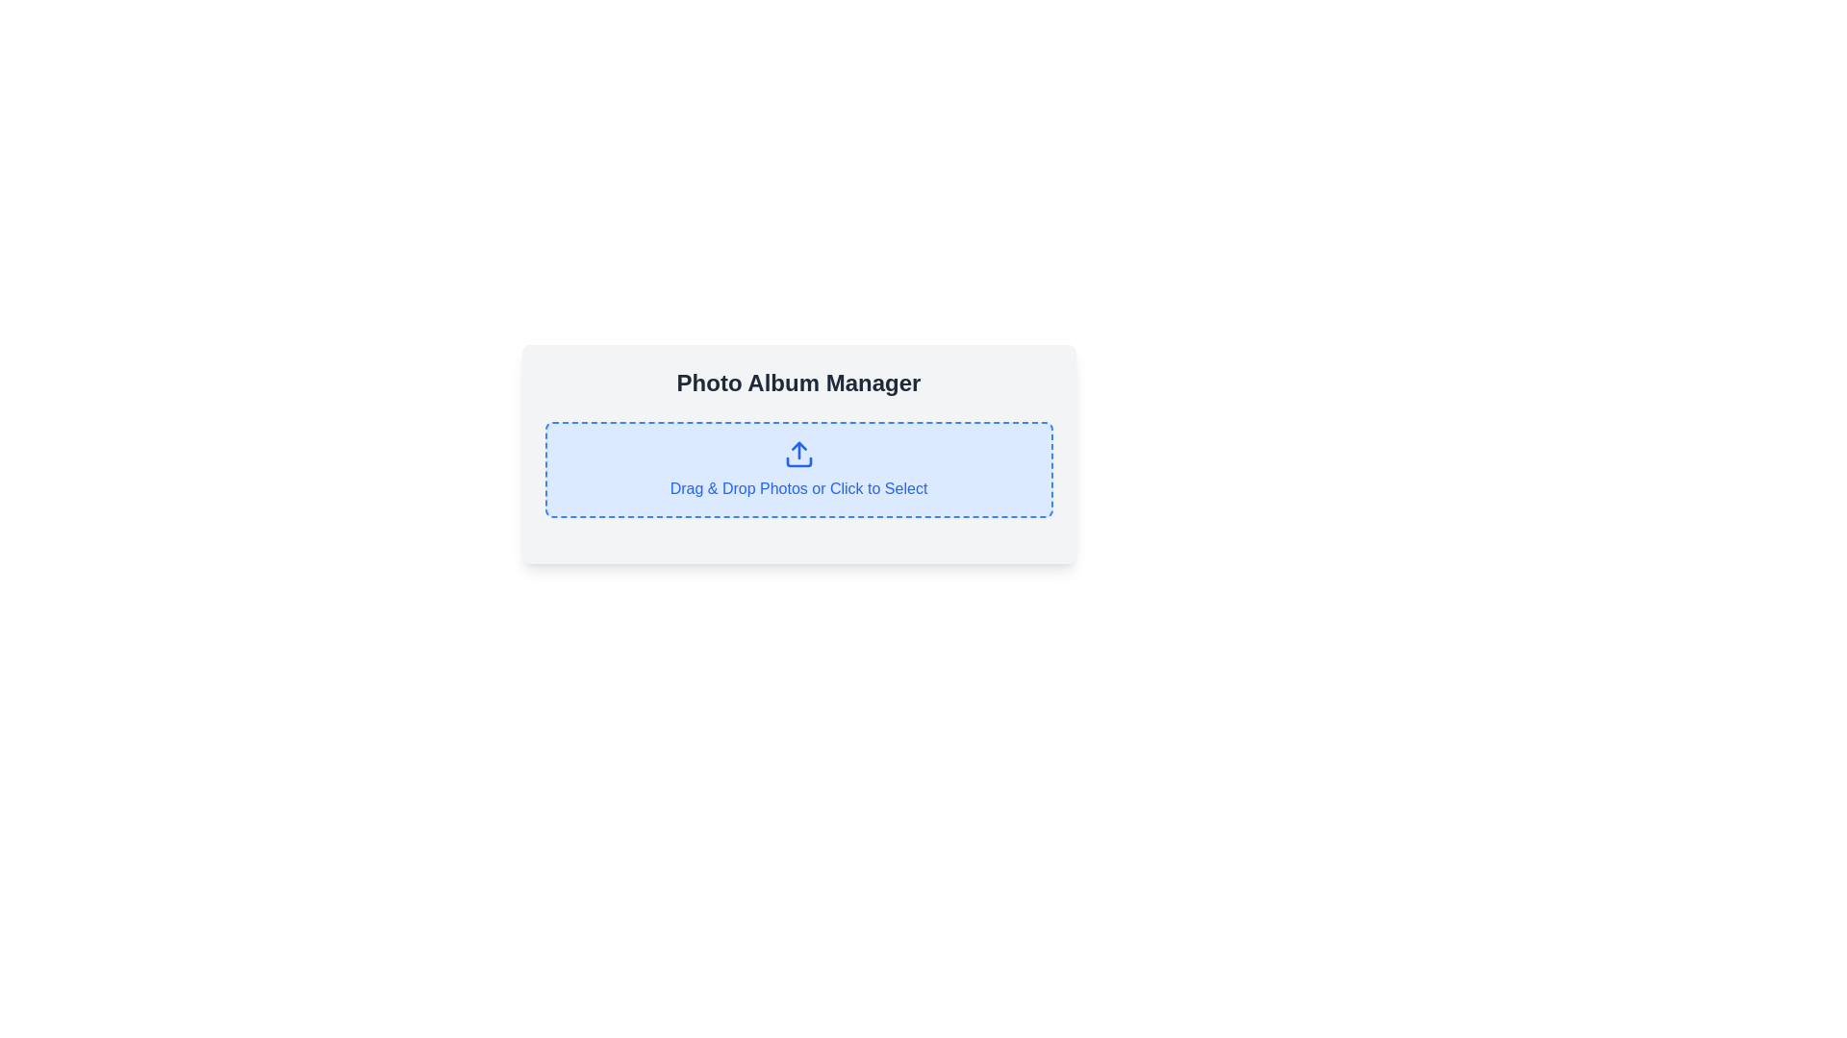 The image size is (1847, 1038). Describe the element at coordinates (798, 455) in the screenshot. I see `the blue upload icon, which is represented by an arrow pointing upwards inside a tray-like symbol, to interact with the upload functionality` at that location.